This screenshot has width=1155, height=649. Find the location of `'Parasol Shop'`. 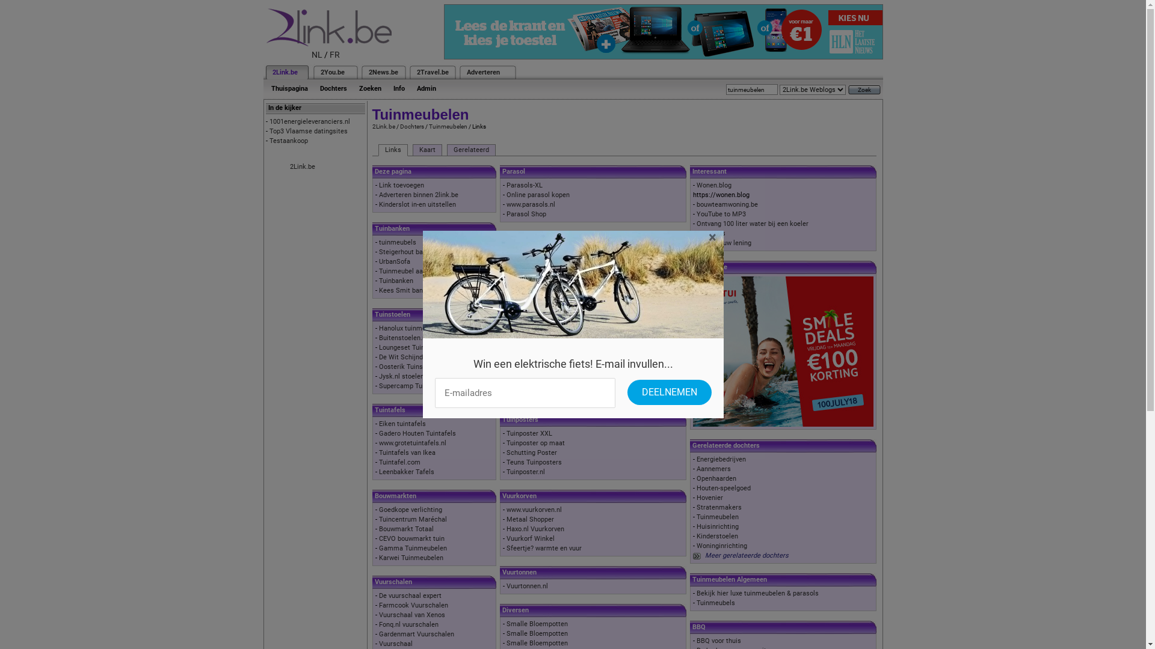

'Parasol Shop' is located at coordinates (526, 213).